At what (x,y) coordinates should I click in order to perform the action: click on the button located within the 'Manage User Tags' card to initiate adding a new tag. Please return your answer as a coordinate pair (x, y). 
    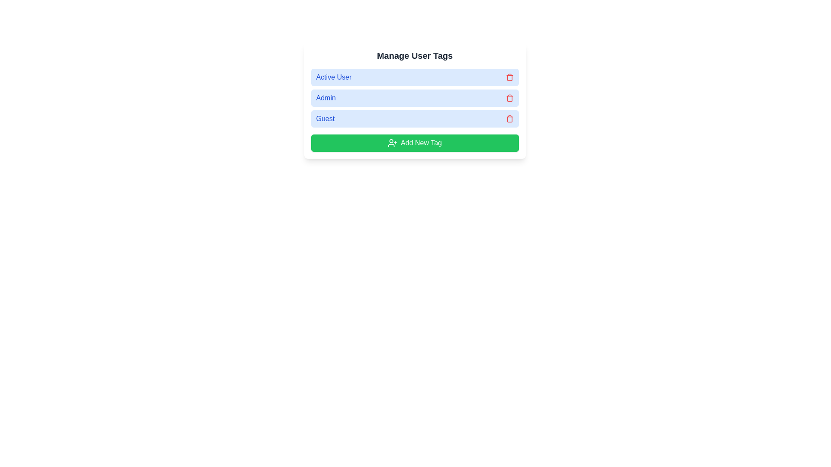
    Looking at the image, I should click on (414, 143).